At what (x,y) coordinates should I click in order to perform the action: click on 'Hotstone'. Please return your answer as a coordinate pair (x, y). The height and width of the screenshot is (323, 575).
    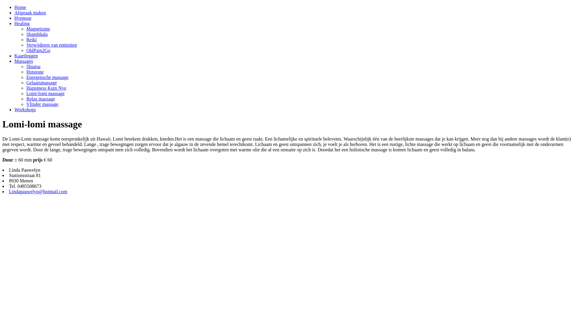
    Looking at the image, I should click on (34, 71).